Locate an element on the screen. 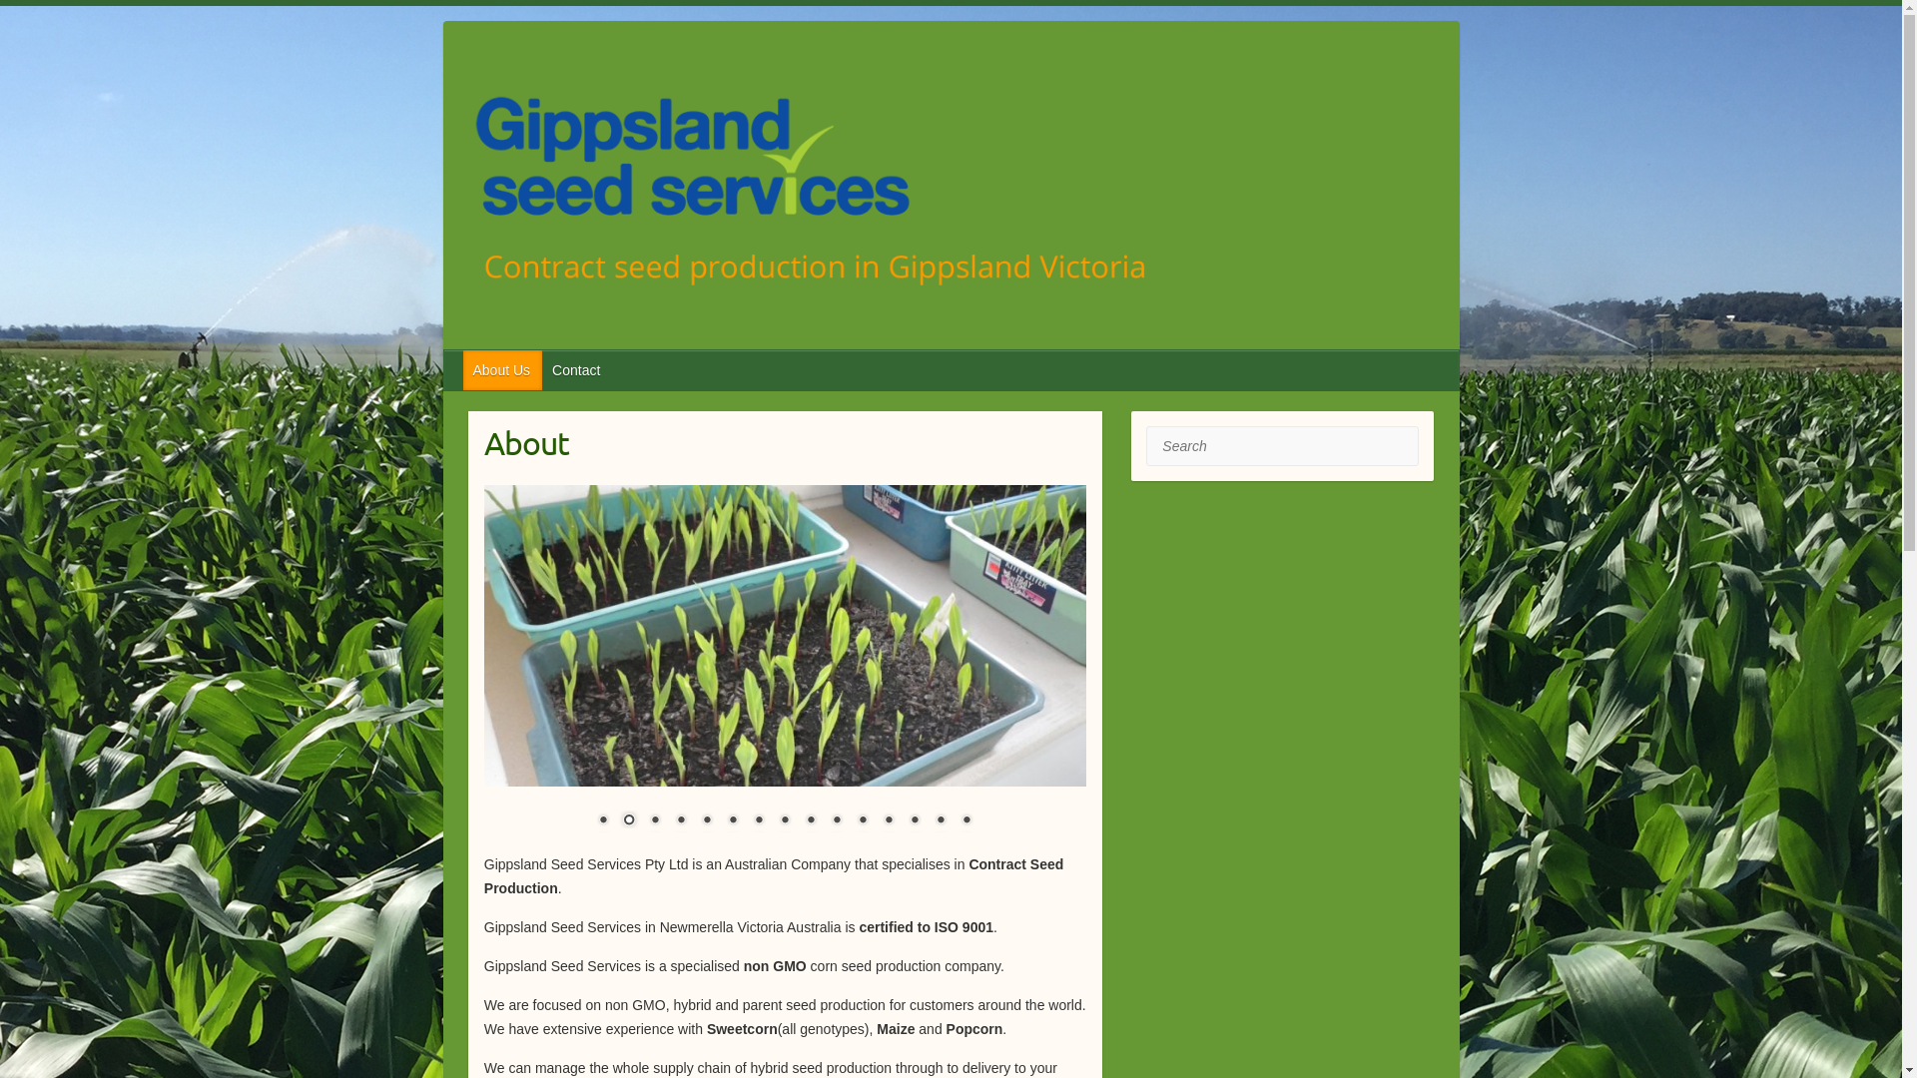 The width and height of the screenshot is (1917, 1078). '1' is located at coordinates (602, 820).